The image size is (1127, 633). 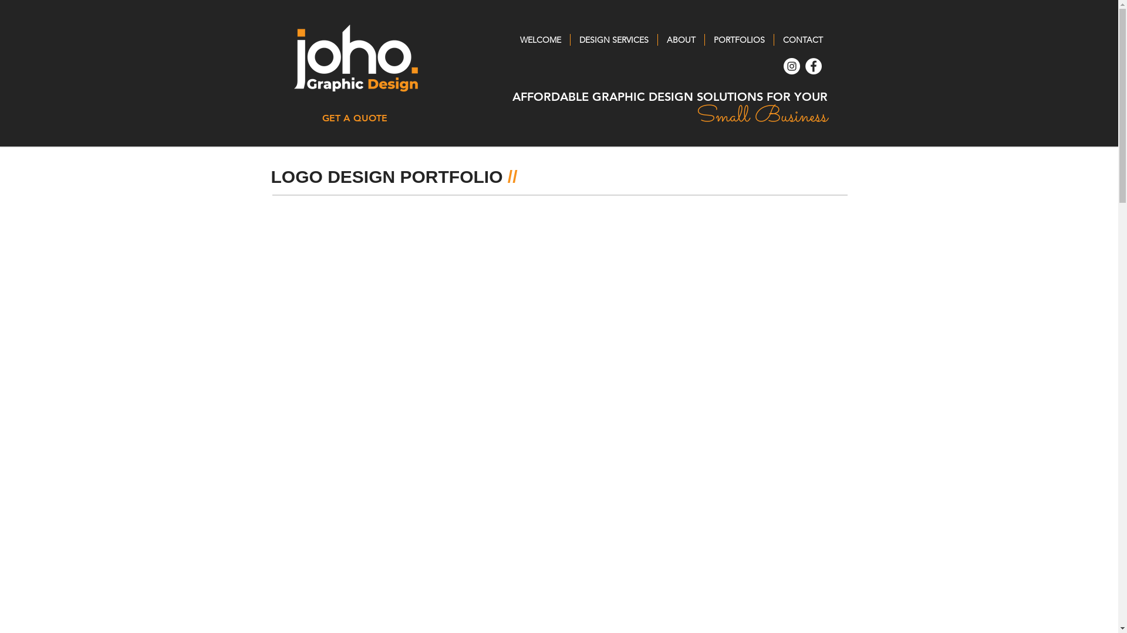 What do you see at coordinates (802, 39) in the screenshot?
I see `'CONTACT'` at bounding box center [802, 39].